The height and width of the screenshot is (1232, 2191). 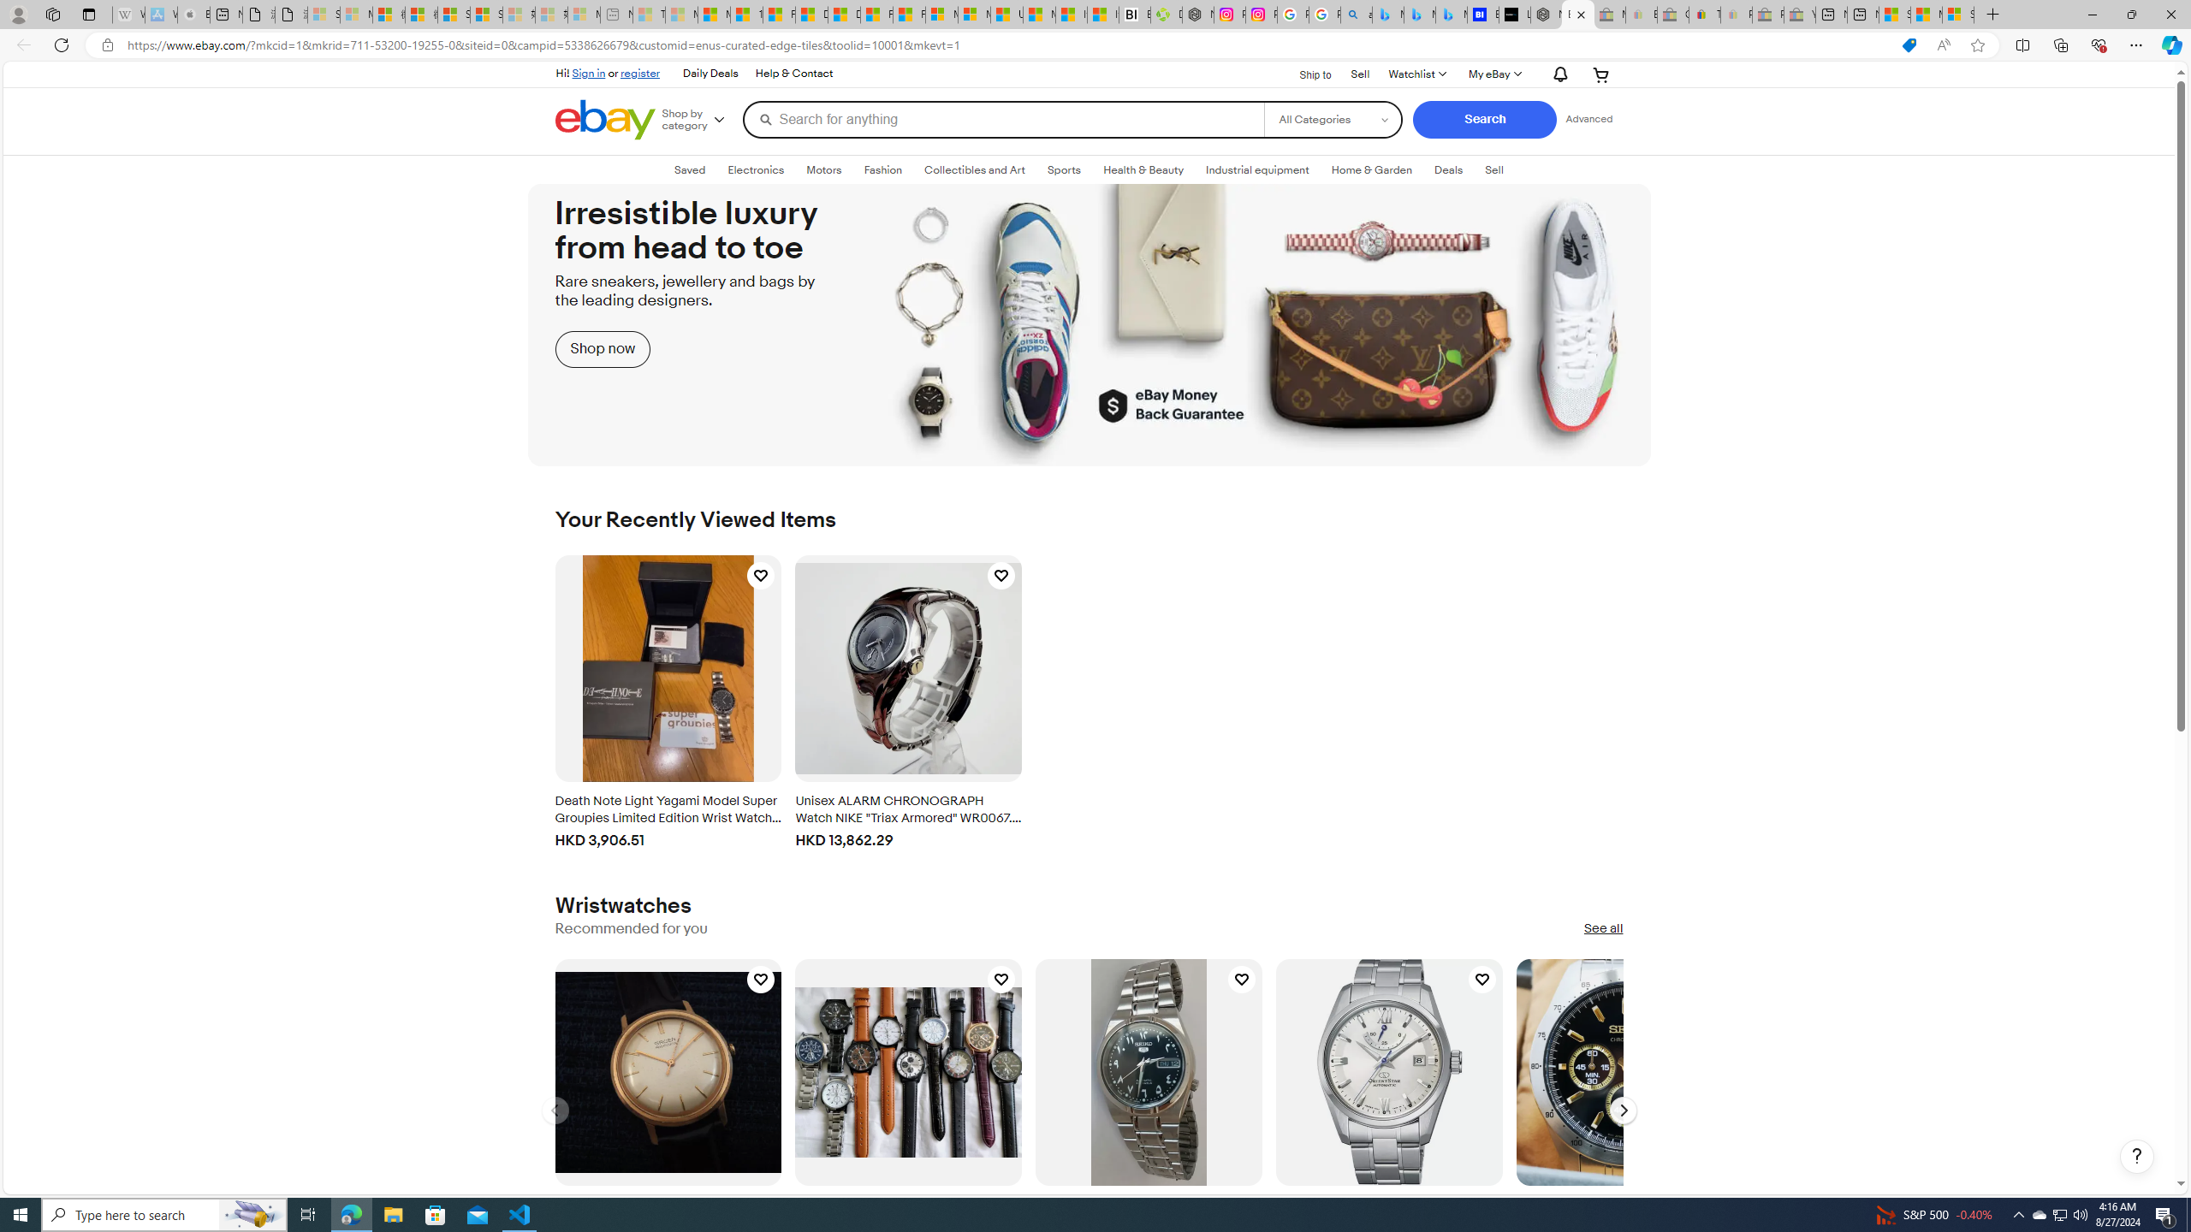 I want to click on 'Payments Terms of Use | eBay.com - Sleeping', so click(x=1735, y=14).